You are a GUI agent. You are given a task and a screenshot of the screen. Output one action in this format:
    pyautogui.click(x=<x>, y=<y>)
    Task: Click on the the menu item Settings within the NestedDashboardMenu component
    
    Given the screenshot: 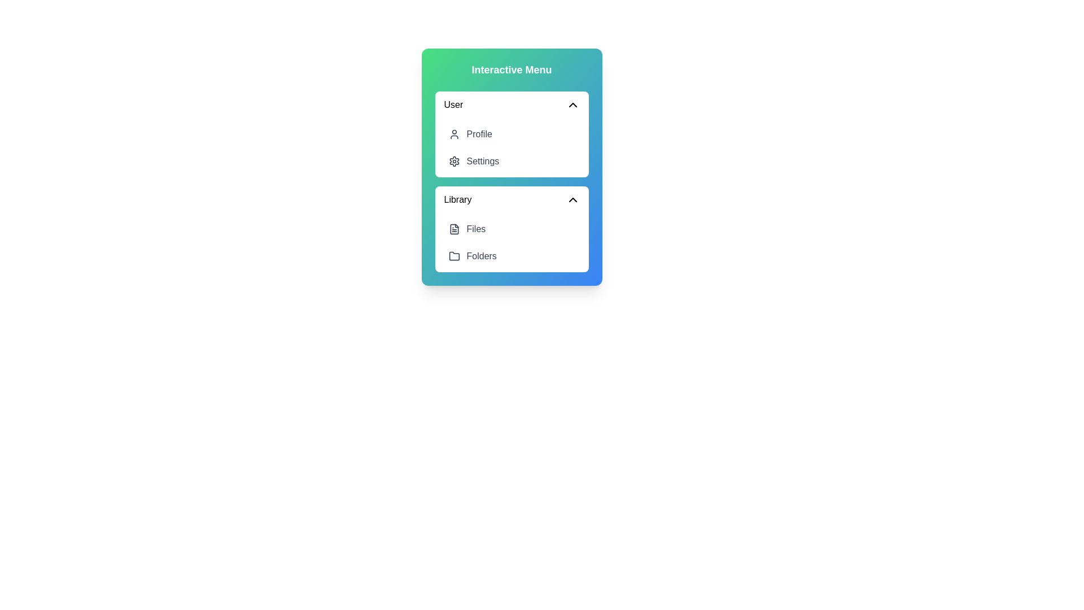 What is the action you would take?
    pyautogui.click(x=511, y=161)
    